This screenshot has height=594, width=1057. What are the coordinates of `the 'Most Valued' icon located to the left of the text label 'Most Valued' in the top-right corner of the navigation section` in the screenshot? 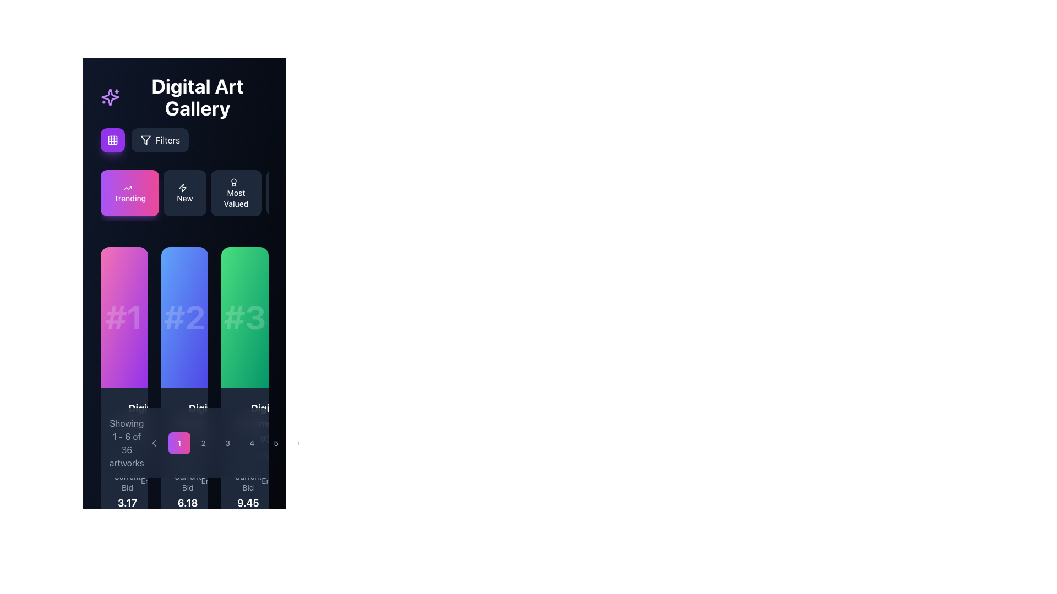 It's located at (233, 182).